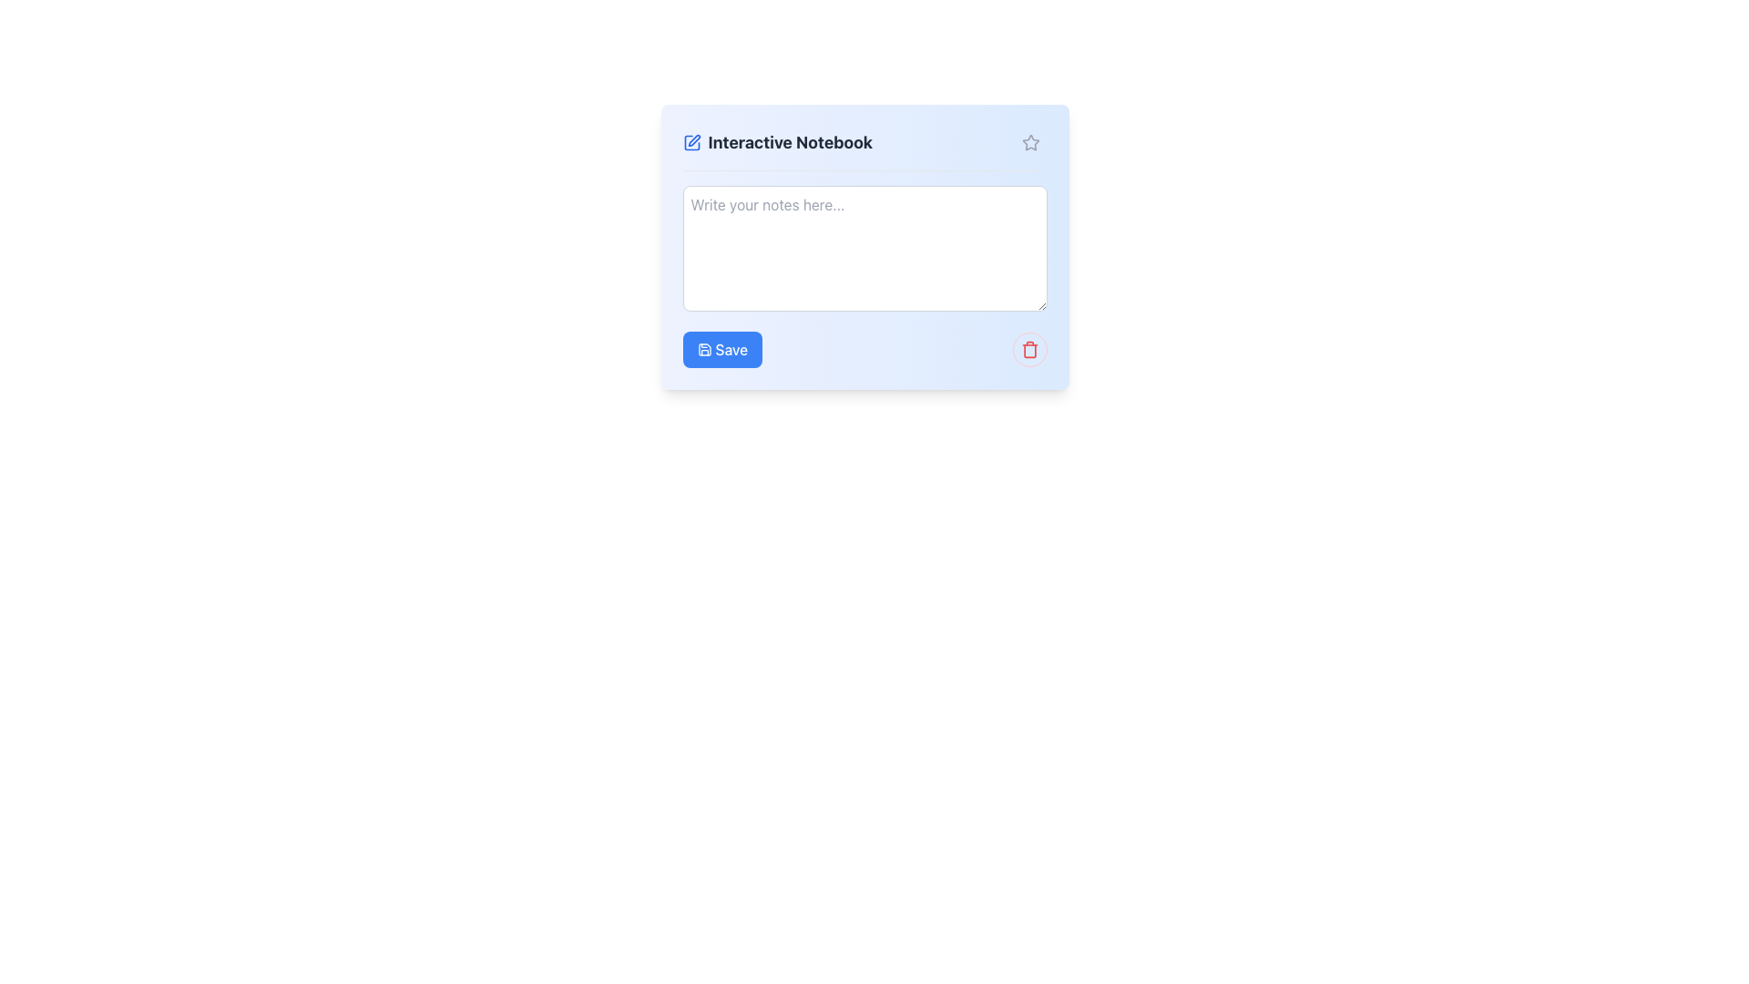  What do you see at coordinates (721, 350) in the screenshot?
I see `the 'Save' button, which is a rectangular button with rounded corners, blue background, and white text` at bounding box center [721, 350].